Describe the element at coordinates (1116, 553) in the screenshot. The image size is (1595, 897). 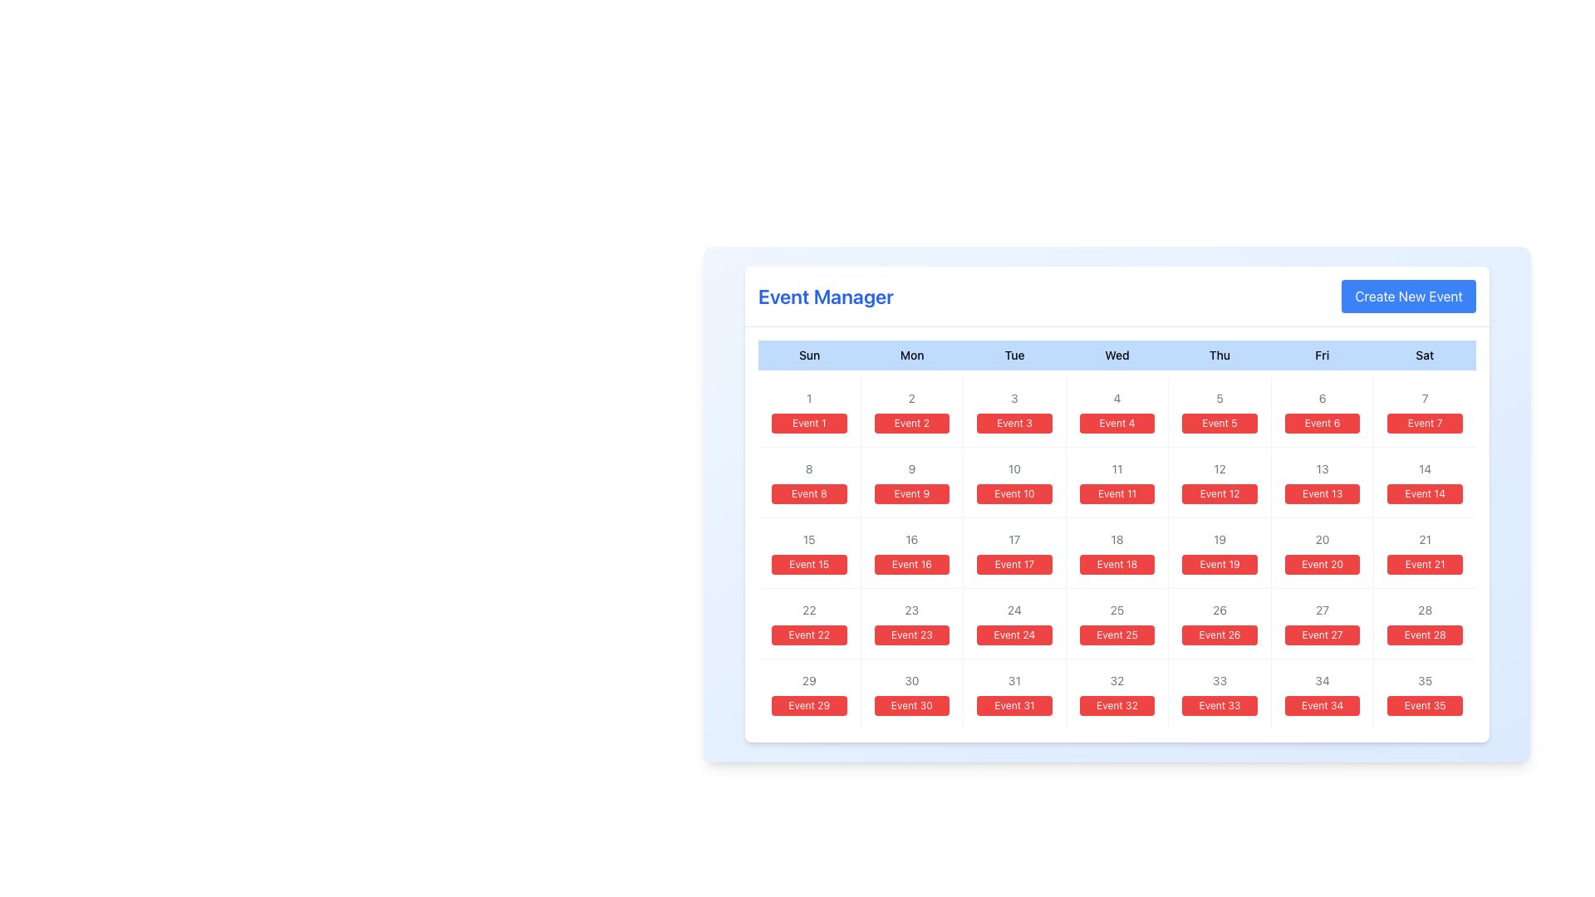
I see `the clickable card element labeled 'Event 18' that displays the number '18' in gray font, located in the fourth column of the third row under the day label 'Wed'` at that location.